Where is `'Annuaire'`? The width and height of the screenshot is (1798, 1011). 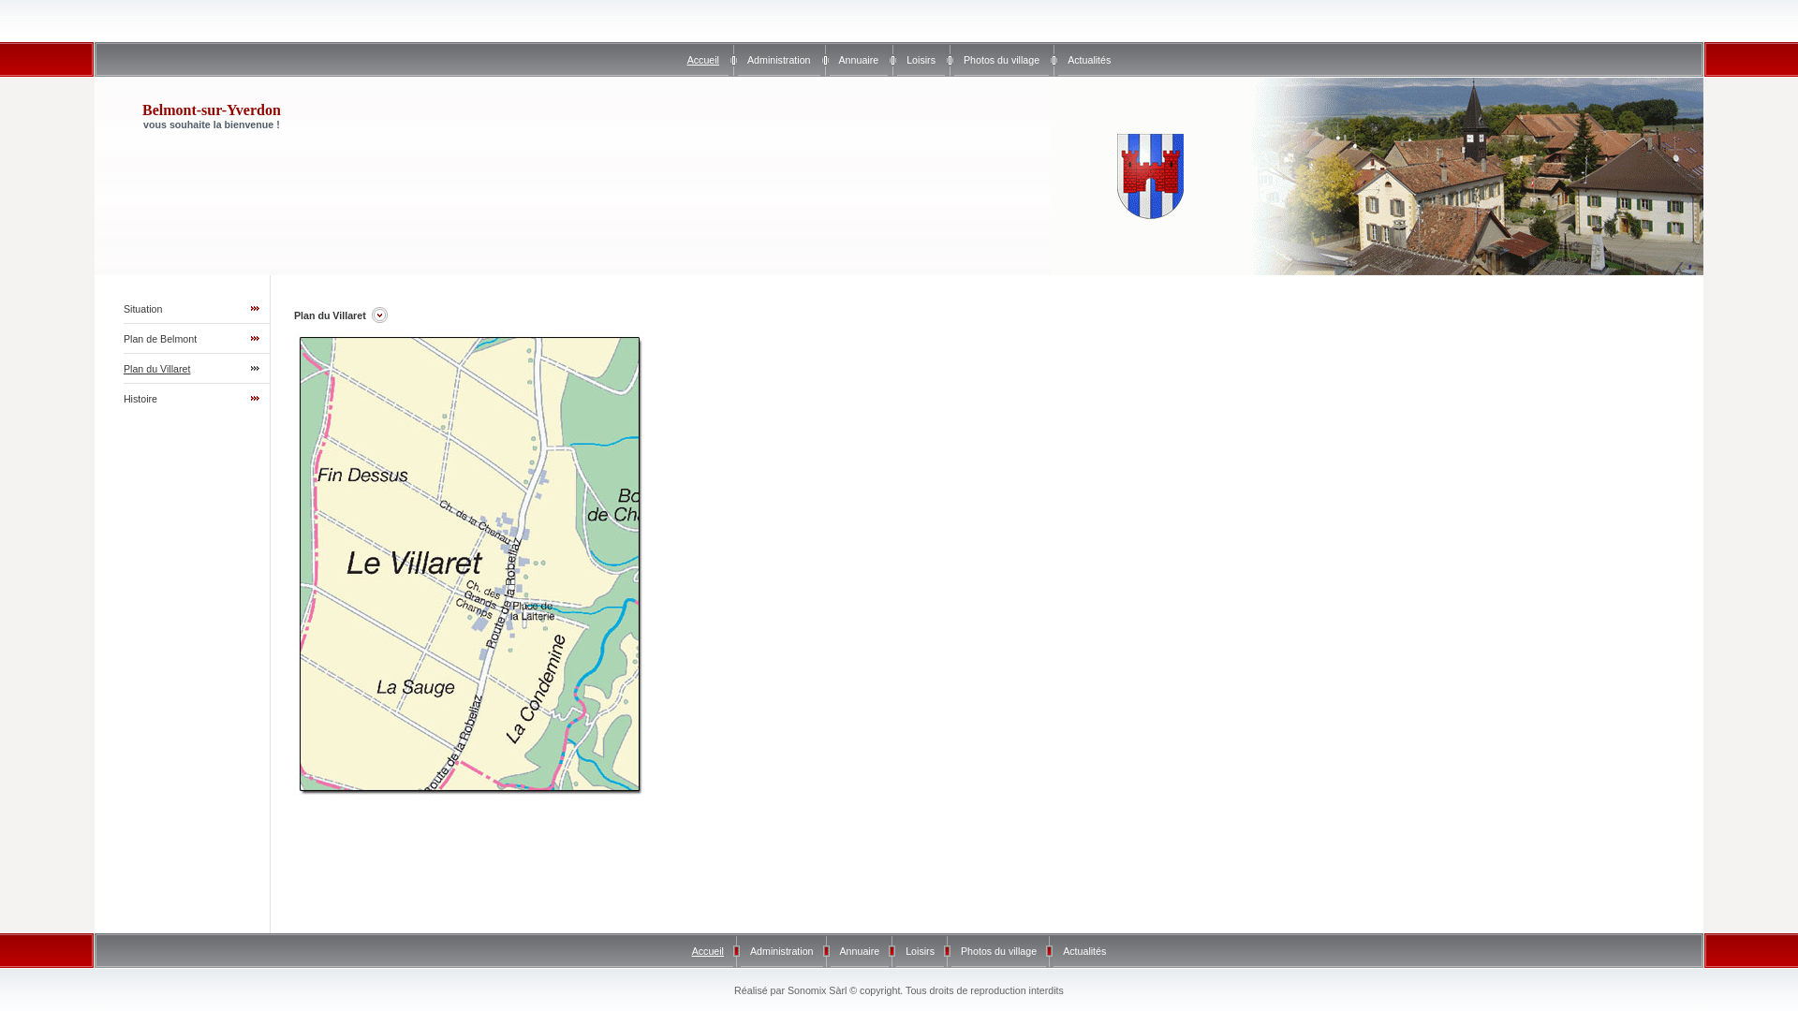 'Annuaire' is located at coordinates (858, 59).